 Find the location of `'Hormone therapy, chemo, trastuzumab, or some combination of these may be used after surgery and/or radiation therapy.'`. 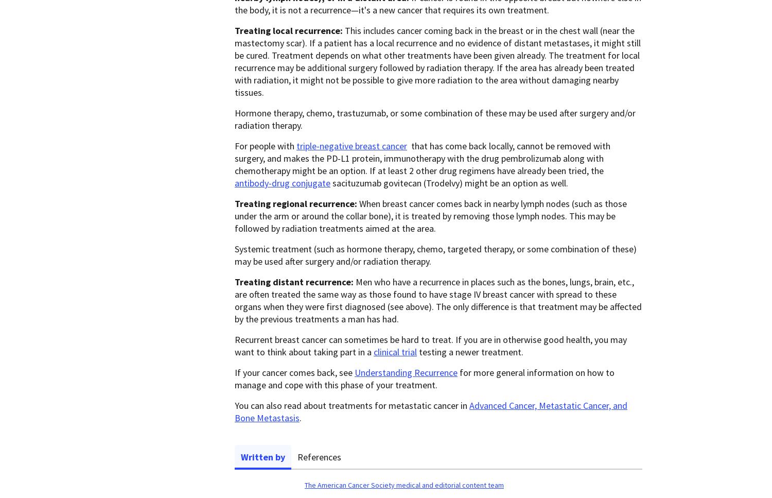

'Hormone therapy, chemo, trastuzumab, or some combination of these may be used after surgery and/or radiation therapy.' is located at coordinates (234, 119).